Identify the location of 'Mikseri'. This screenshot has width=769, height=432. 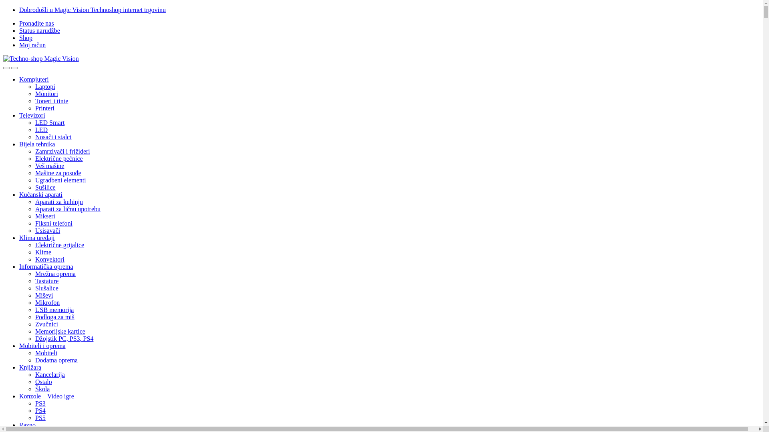
(45, 216).